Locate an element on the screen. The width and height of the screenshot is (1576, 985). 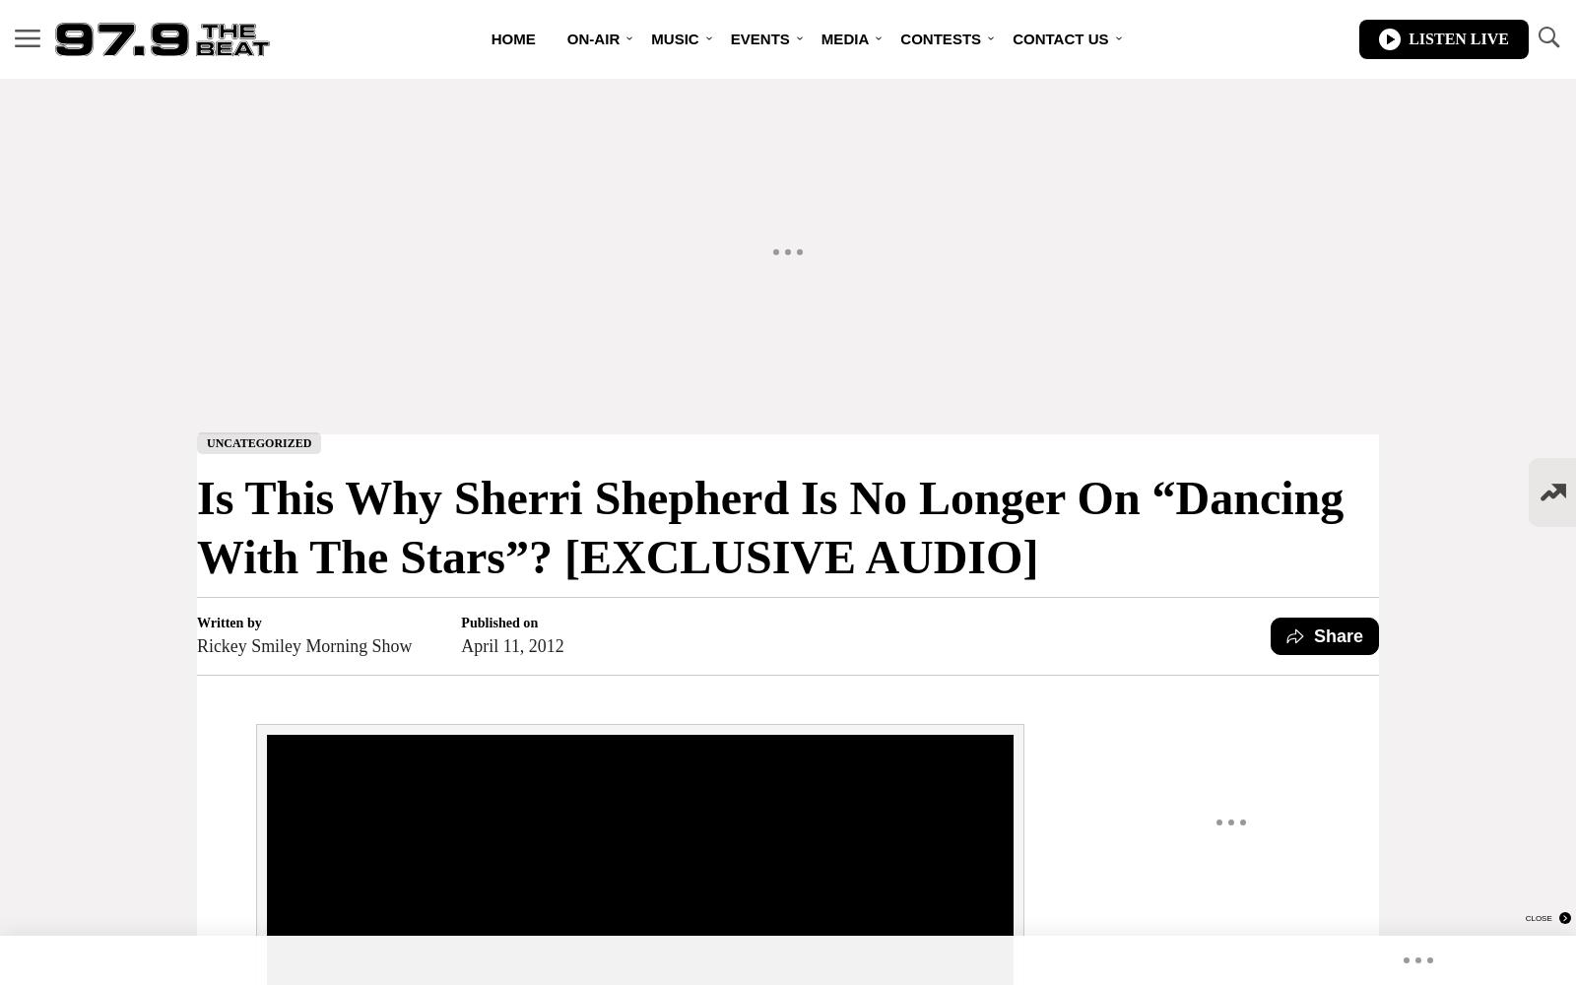
'Music Playlist' is located at coordinates (688, 118).